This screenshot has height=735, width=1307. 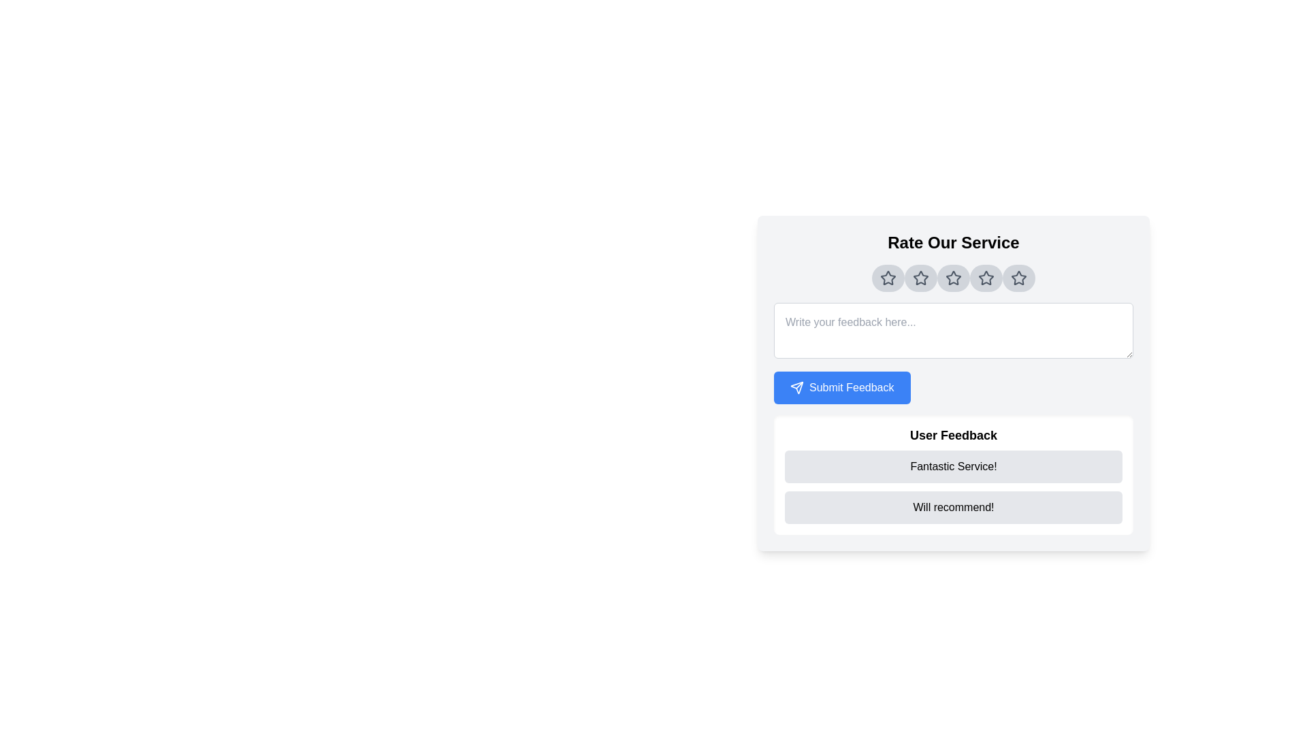 I want to click on the third star icon in the row under the heading 'Rate Our Service', so click(x=952, y=277).